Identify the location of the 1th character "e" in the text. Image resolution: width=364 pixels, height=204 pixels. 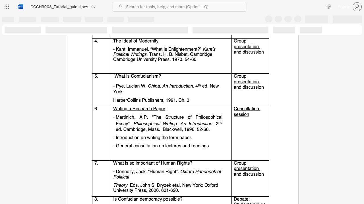
(137, 109).